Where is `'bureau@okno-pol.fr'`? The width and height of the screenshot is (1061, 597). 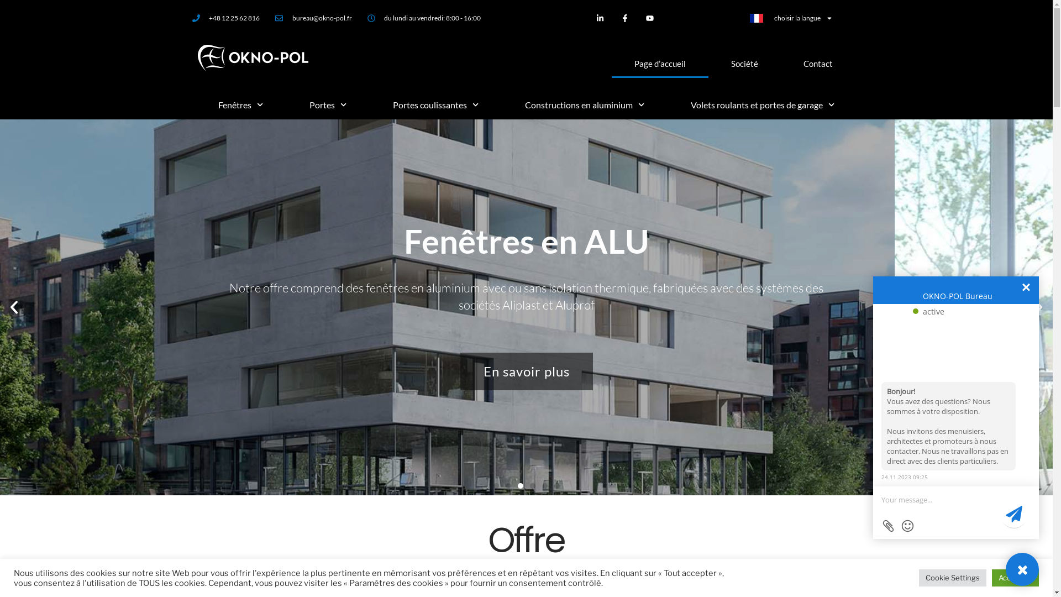
'bureau@okno-pol.fr' is located at coordinates (313, 18).